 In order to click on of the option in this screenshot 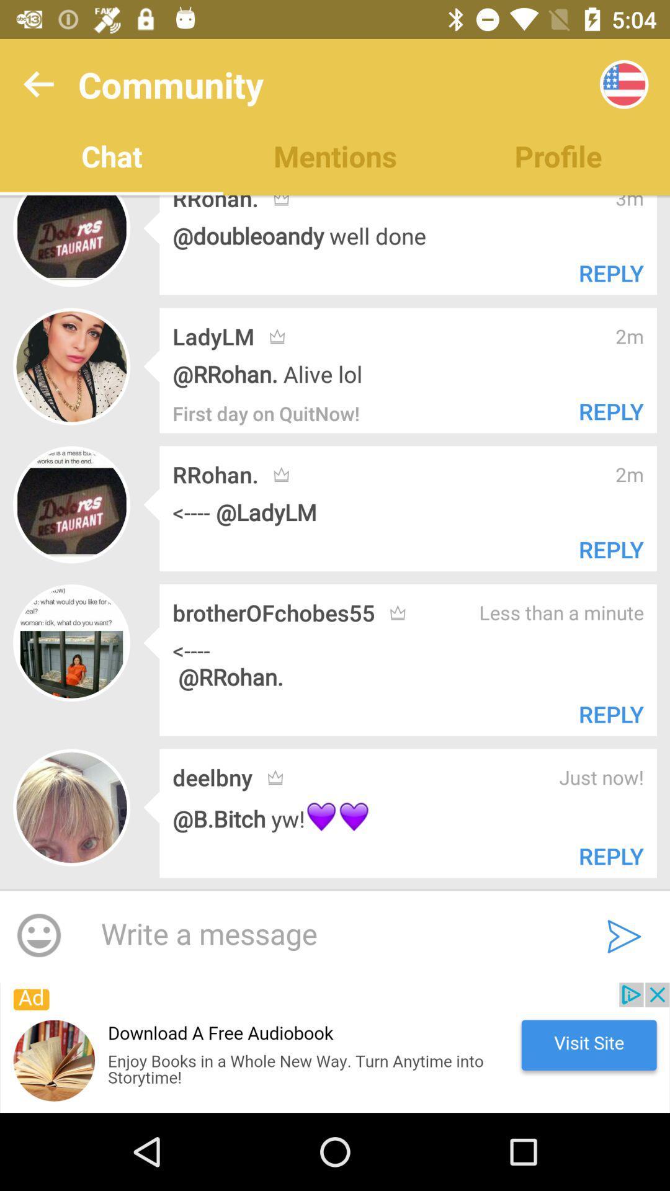, I will do `click(335, 1047)`.